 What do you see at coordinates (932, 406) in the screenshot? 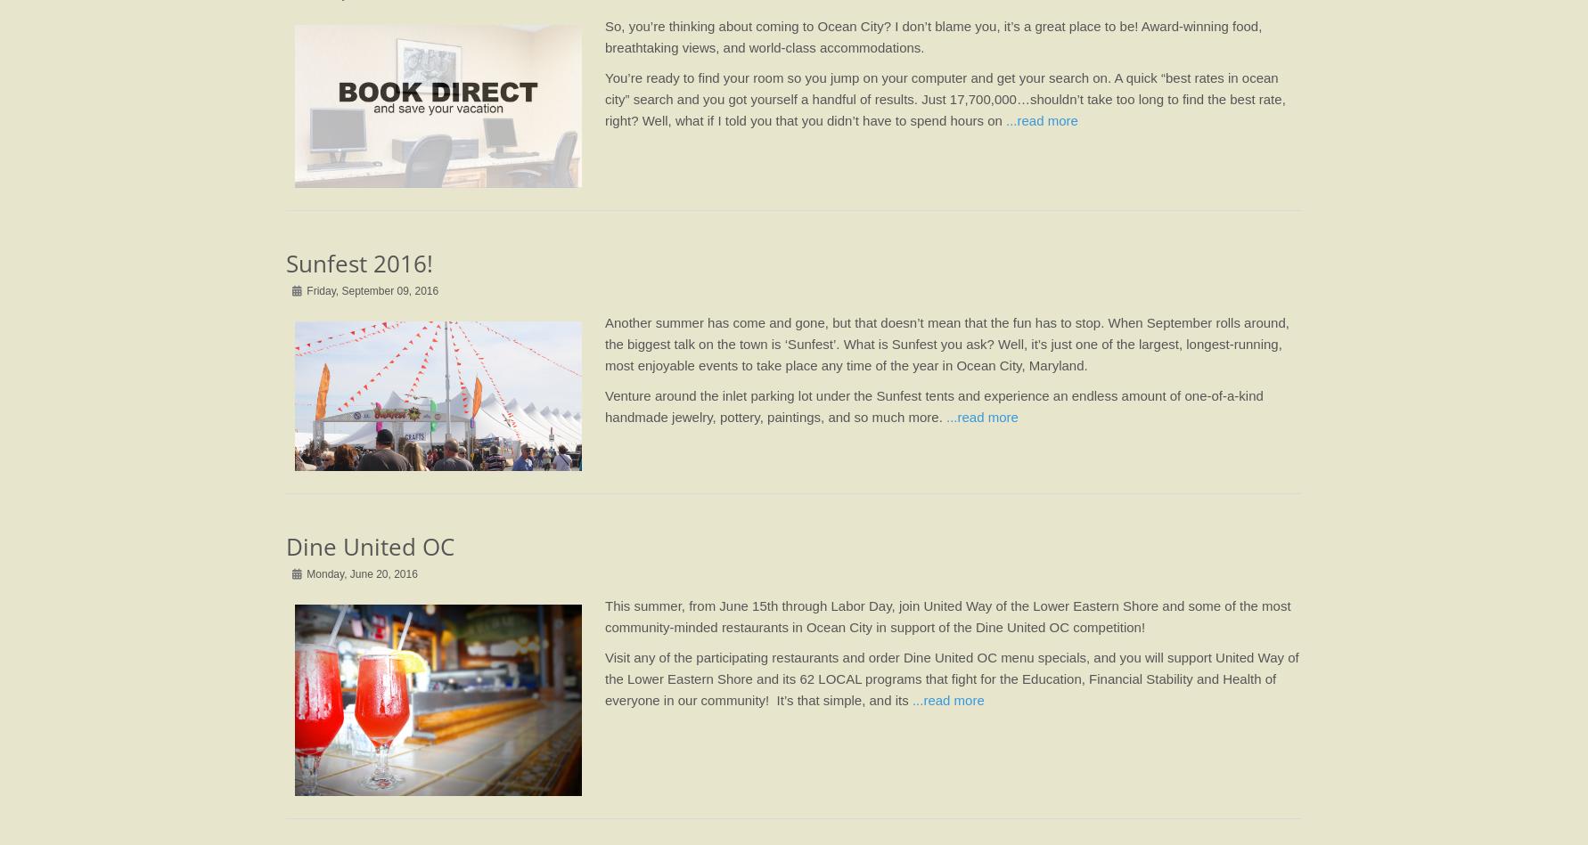
I see `'Venture around the inlet parking lot under the Sunfest tents and experience an endless amount of one-of-a-kind handmade jewelry, pottery, paintings, and so much more.'` at bounding box center [932, 406].